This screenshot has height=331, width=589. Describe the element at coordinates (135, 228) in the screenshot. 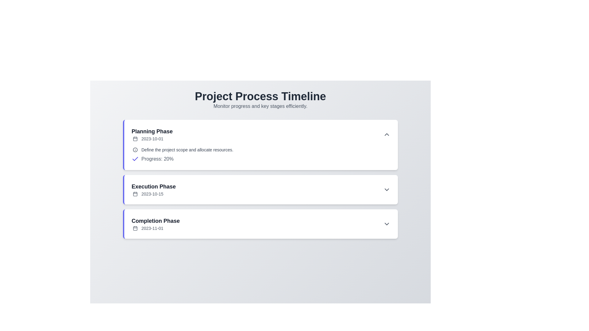

I see `small gray calendar-shaped icon located before the date text '2023-11-01' in the 'Completion Phase' section for styling` at that location.